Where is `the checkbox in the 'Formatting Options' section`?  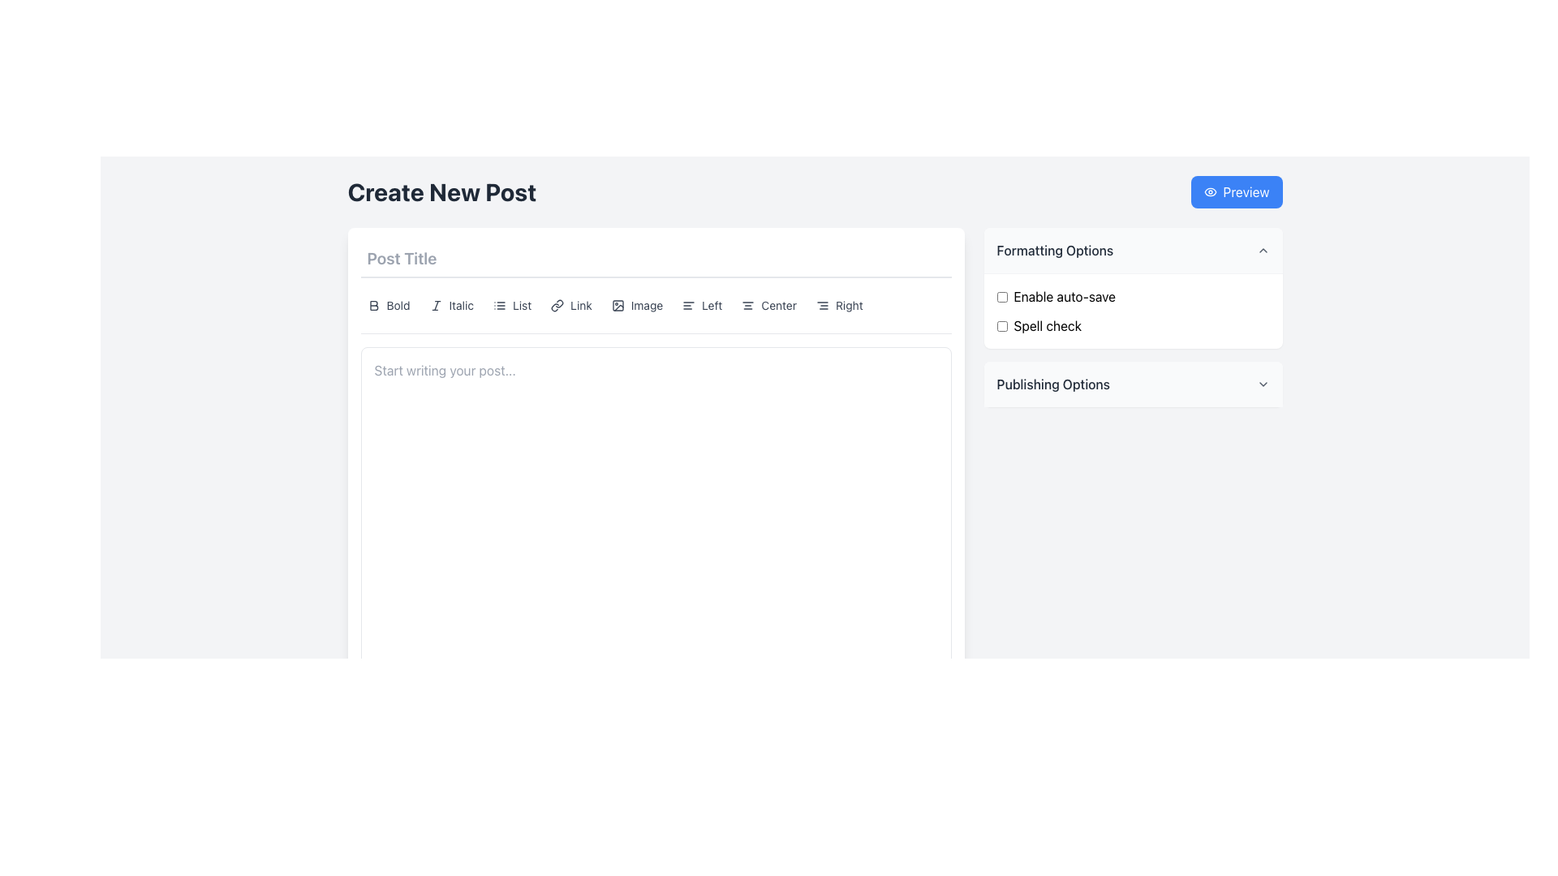 the checkbox in the 'Formatting Options' section is located at coordinates (1132, 325).